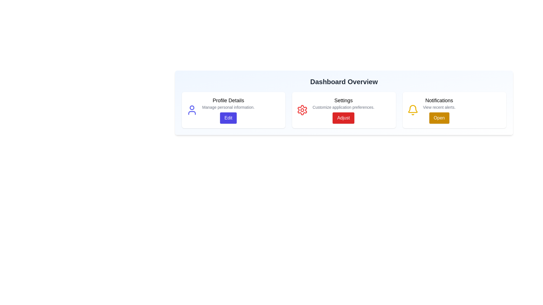  I want to click on supplementary information provided by the static text located beneath the 'Profile Details' heading and above the 'Edit' button in the leftmost card of the layout, so click(228, 107).